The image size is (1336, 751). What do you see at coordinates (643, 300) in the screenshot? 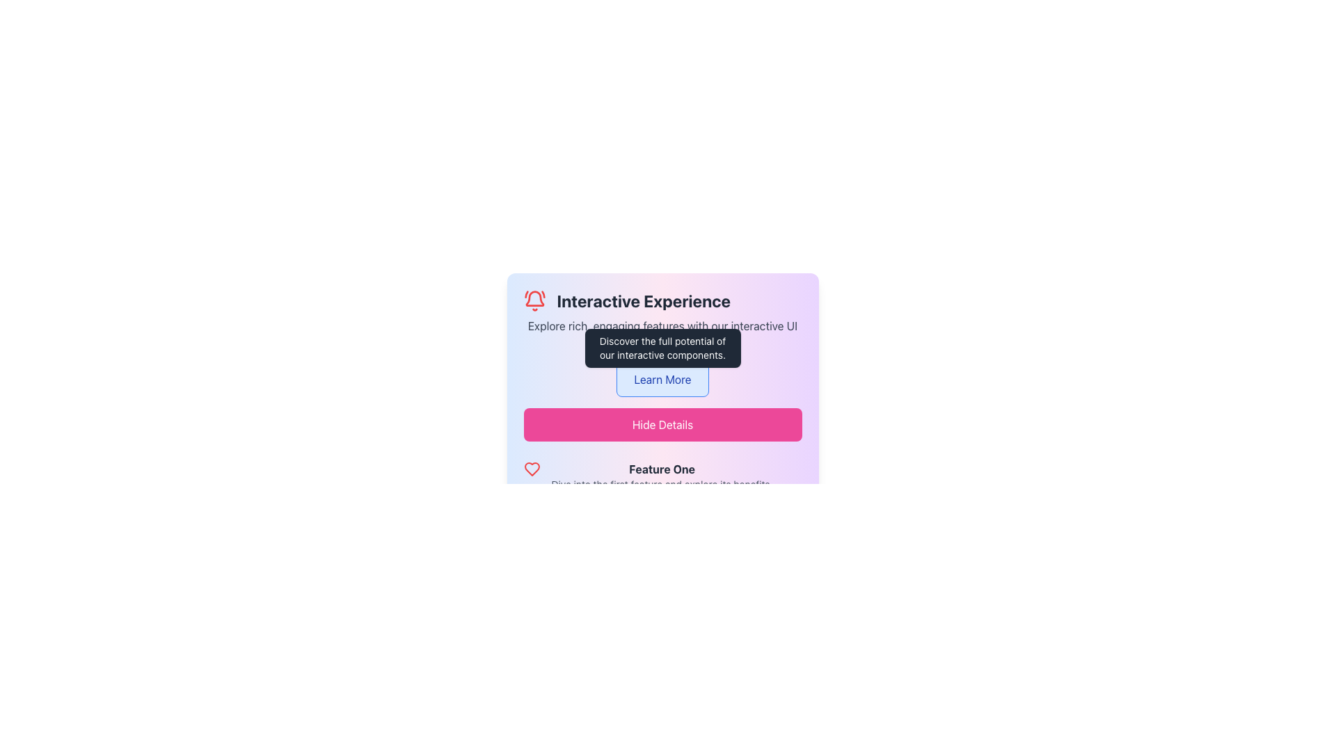
I see `the bold, large-sized textual header 'Interactive Experience' styled in dark gray, positioned prominently at the top right of the section, adjacent to a red notification bell icon` at bounding box center [643, 300].